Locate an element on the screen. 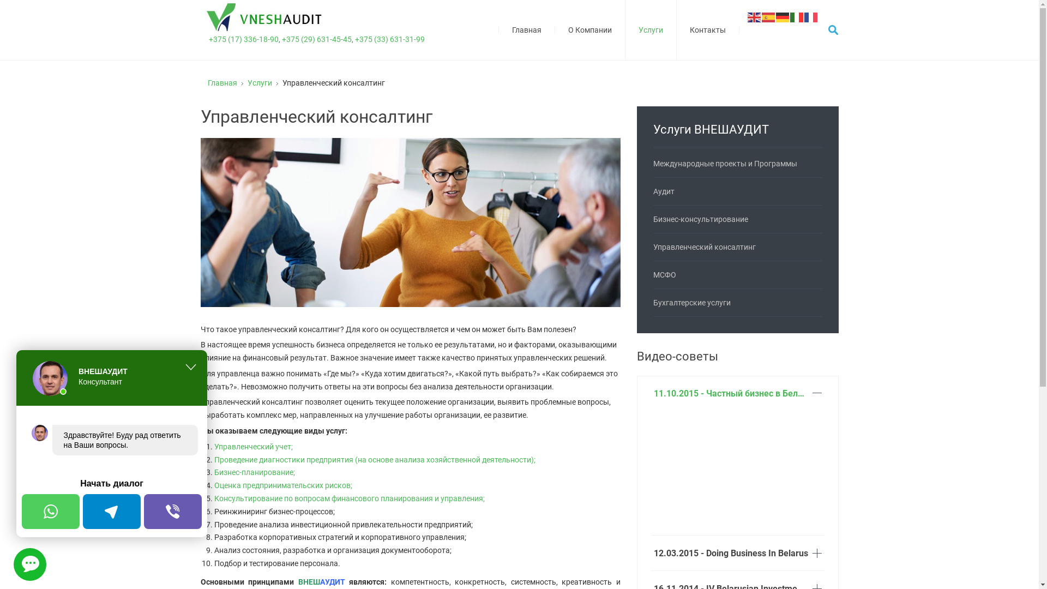  '+375 (33) 631-31-99' is located at coordinates (389, 39).